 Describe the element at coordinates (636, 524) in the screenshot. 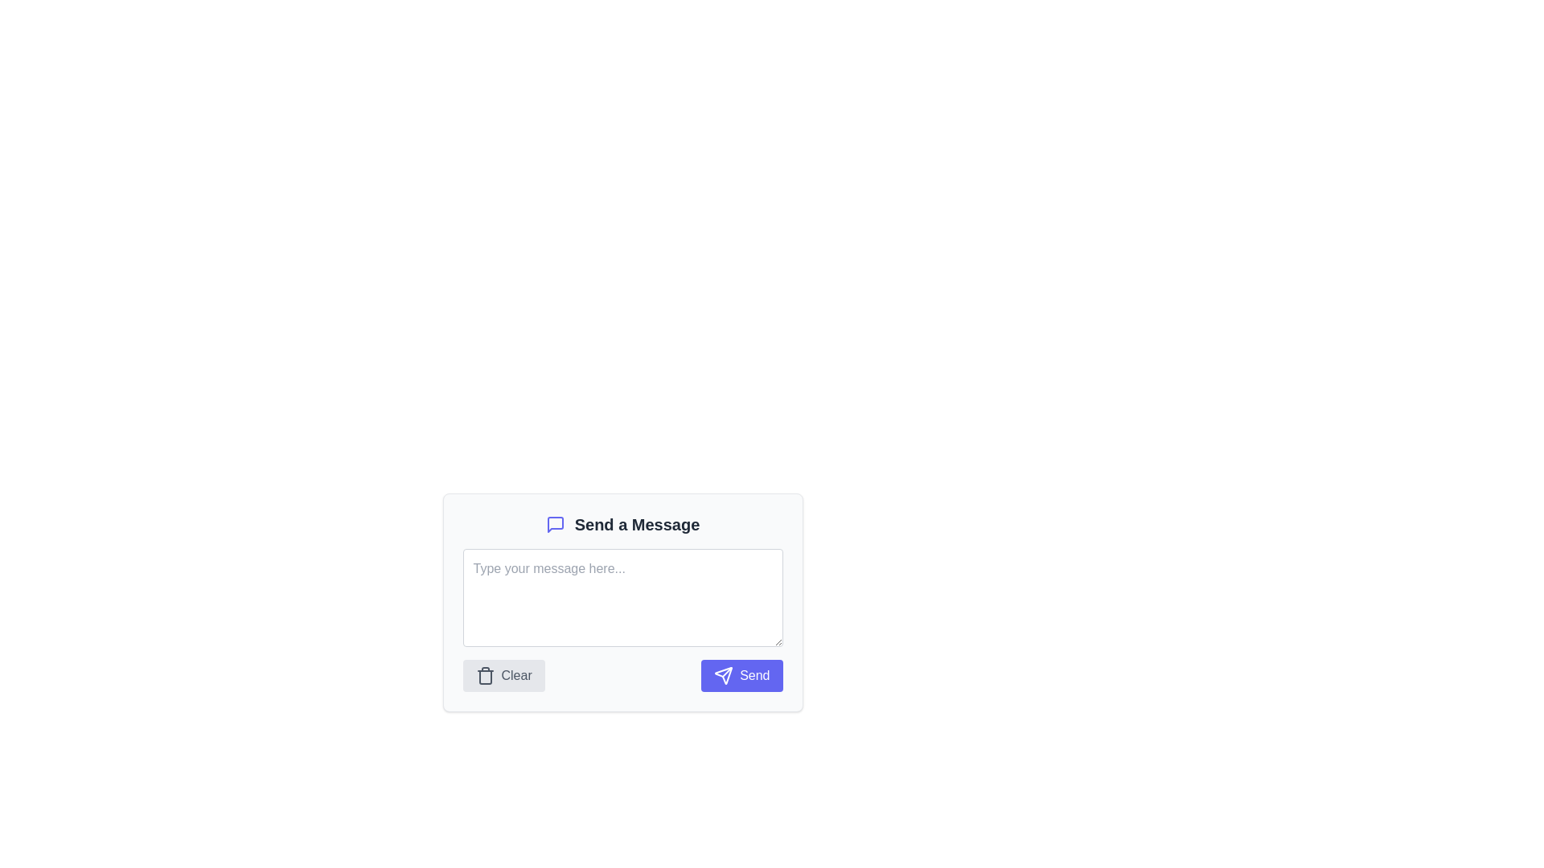

I see `the static text label that identifies the purpose of the messaging section, located to the right of the speech bubble icon and above the text input box` at that location.